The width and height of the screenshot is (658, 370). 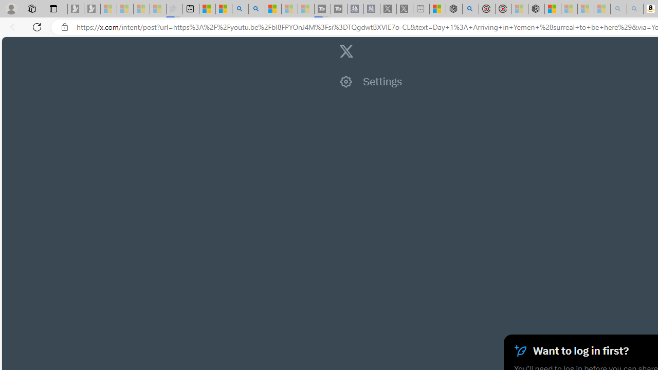 What do you see at coordinates (92, 9) in the screenshot?
I see `'Newsletter Sign Up - Sleeping'` at bounding box center [92, 9].